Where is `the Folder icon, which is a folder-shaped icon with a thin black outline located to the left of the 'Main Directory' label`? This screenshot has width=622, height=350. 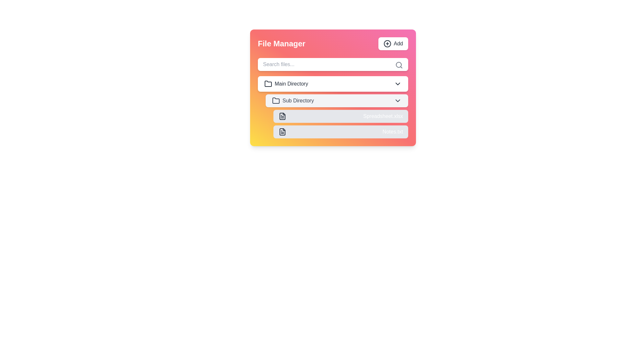
the Folder icon, which is a folder-shaped icon with a thin black outline located to the left of the 'Main Directory' label is located at coordinates (268, 83).